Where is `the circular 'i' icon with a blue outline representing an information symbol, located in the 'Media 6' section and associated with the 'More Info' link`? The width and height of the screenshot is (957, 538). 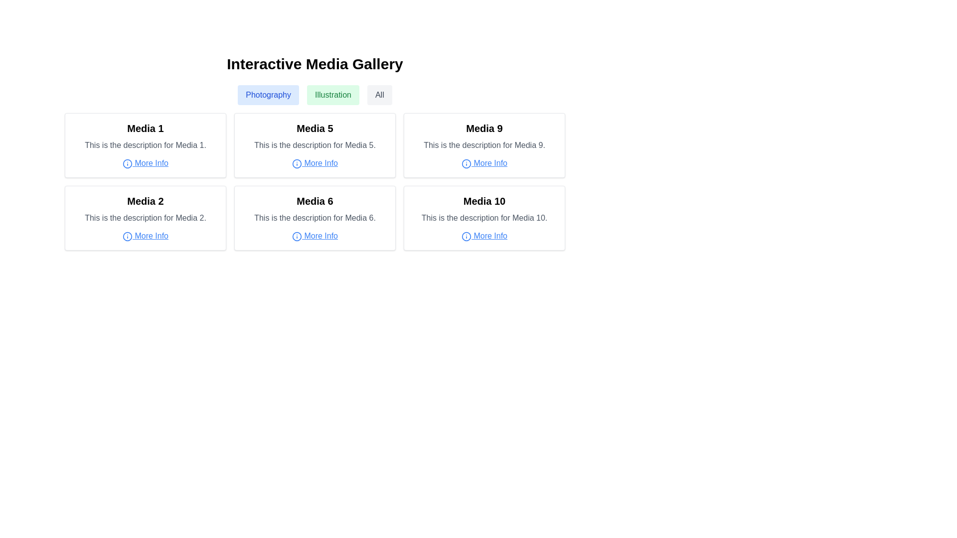
the circular 'i' icon with a blue outline representing an information symbol, located in the 'Media 6' section and associated with the 'More Info' link is located at coordinates (296, 236).